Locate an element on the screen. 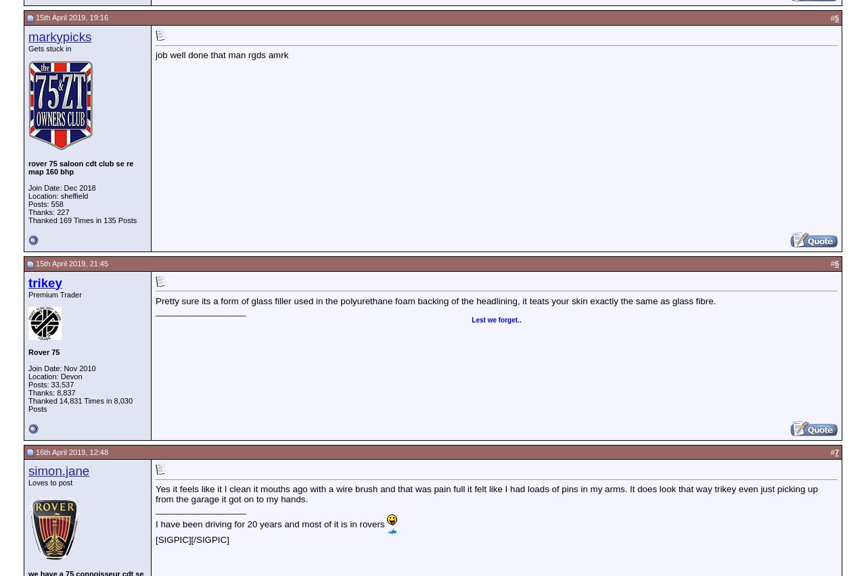 Image resolution: width=866 pixels, height=576 pixels. '6' is located at coordinates (836, 262).